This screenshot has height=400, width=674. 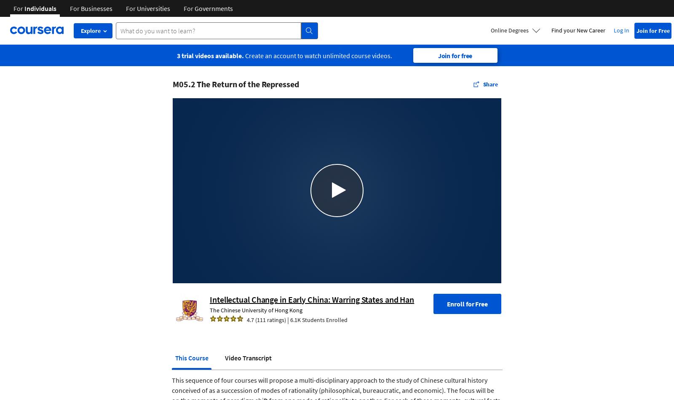 What do you see at coordinates (209, 55) in the screenshot?
I see `'3 trial videos available.'` at bounding box center [209, 55].